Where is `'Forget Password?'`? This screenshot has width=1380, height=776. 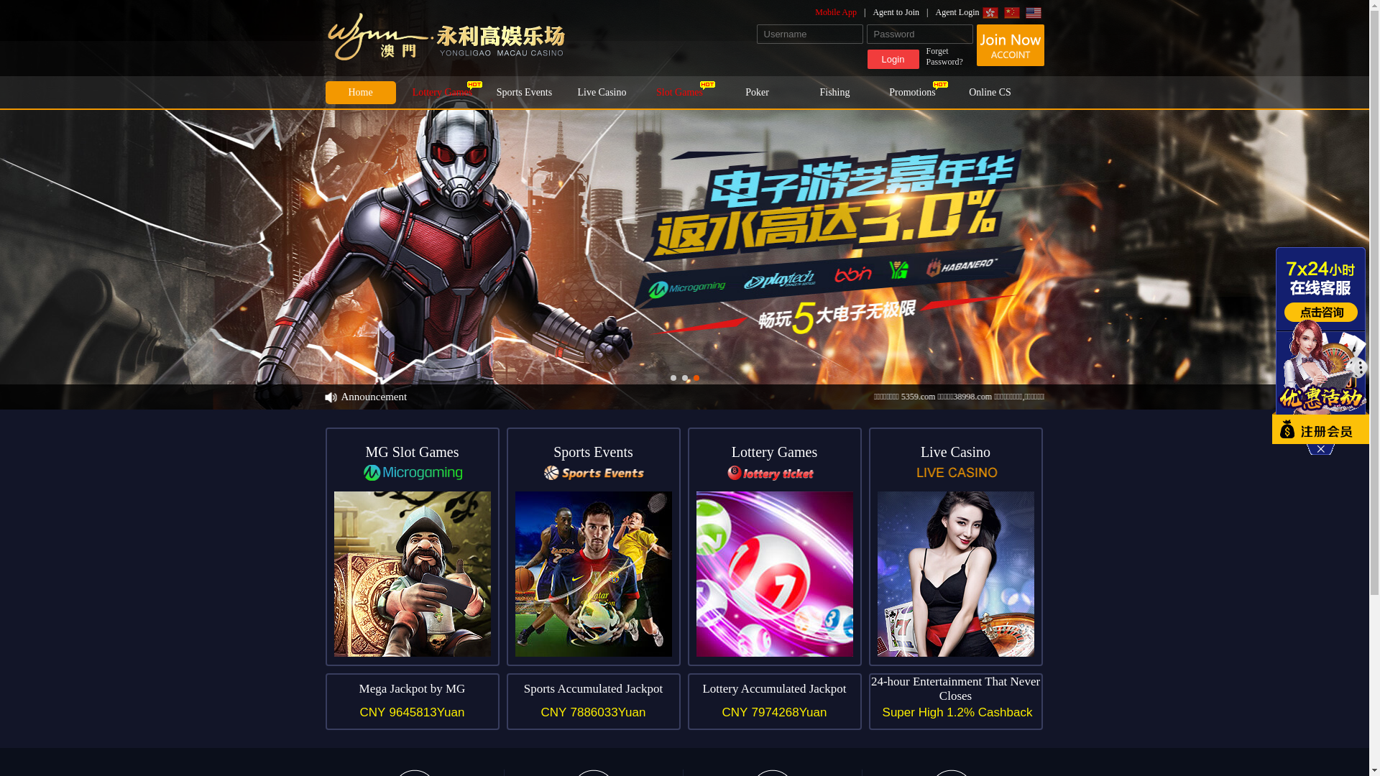 'Forget Password?' is located at coordinates (949, 55).